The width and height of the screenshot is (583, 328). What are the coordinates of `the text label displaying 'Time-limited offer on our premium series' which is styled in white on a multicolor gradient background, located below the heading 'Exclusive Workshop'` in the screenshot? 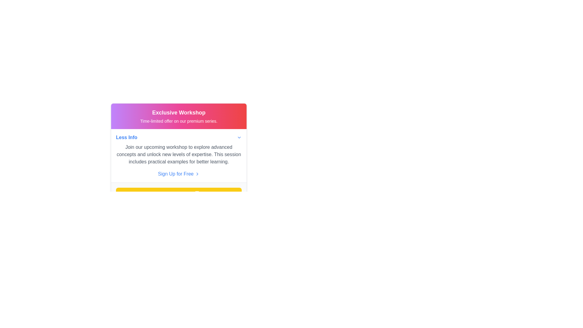 It's located at (179, 121).